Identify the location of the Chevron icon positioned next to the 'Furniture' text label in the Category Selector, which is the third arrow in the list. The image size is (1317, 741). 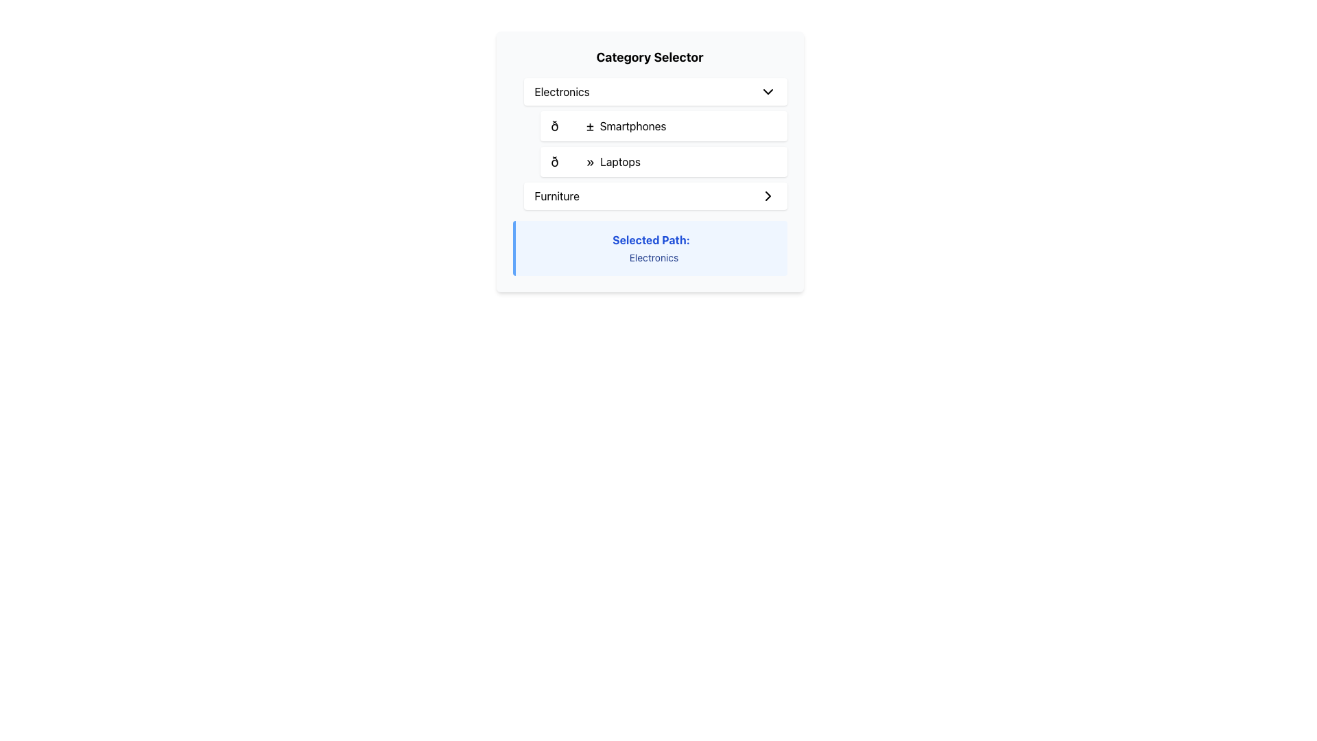
(767, 196).